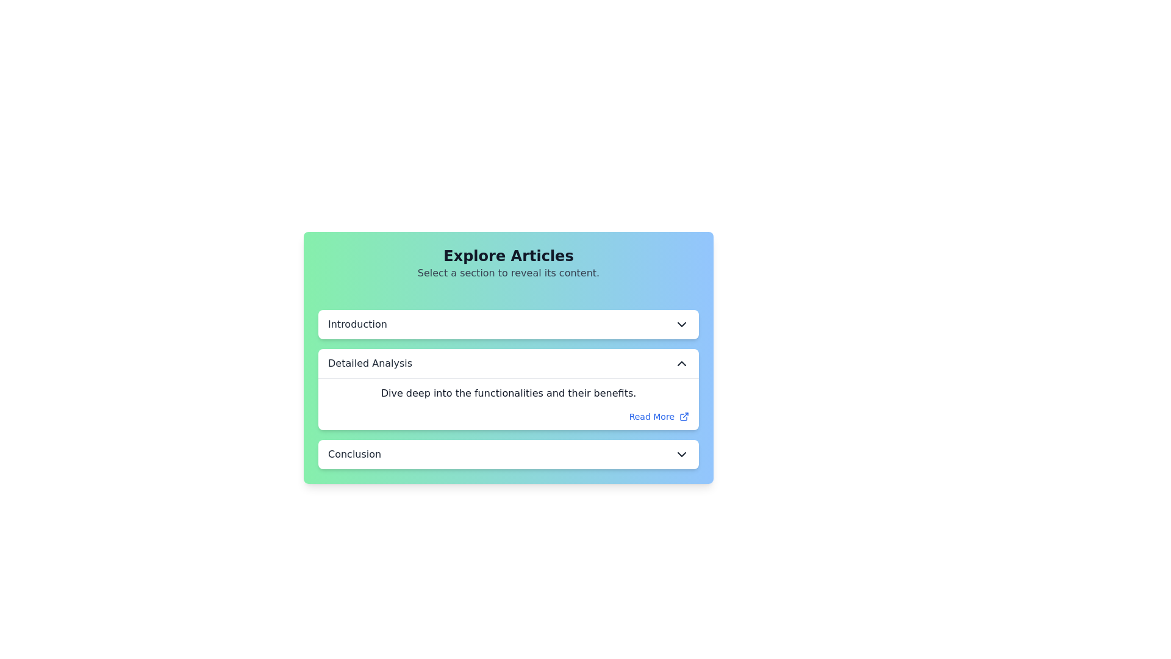 The image size is (1171, 659). What do you see at coordinates (681, 324) in the screenshot?
I see `the downward-facing chevron icon located to the far right of the 'Introduction' label` at bounding box center [681, 324].